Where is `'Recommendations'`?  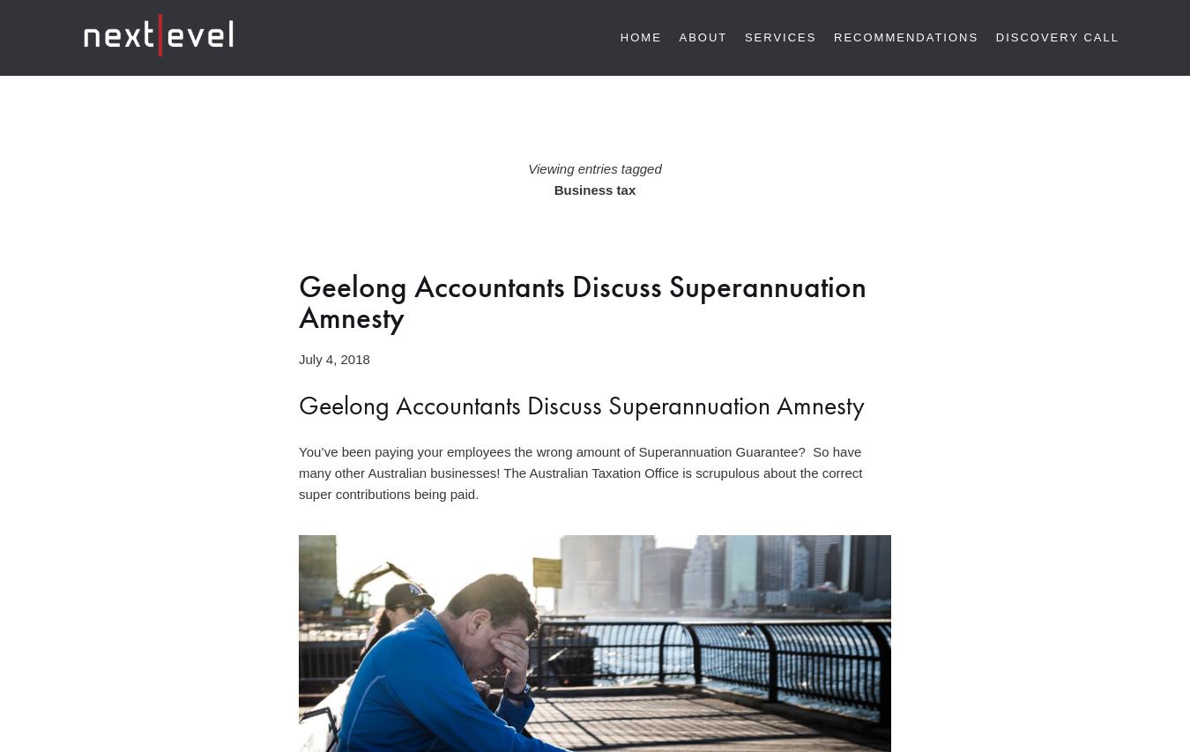
'Recommendations' is located at coordinates (832, 36).